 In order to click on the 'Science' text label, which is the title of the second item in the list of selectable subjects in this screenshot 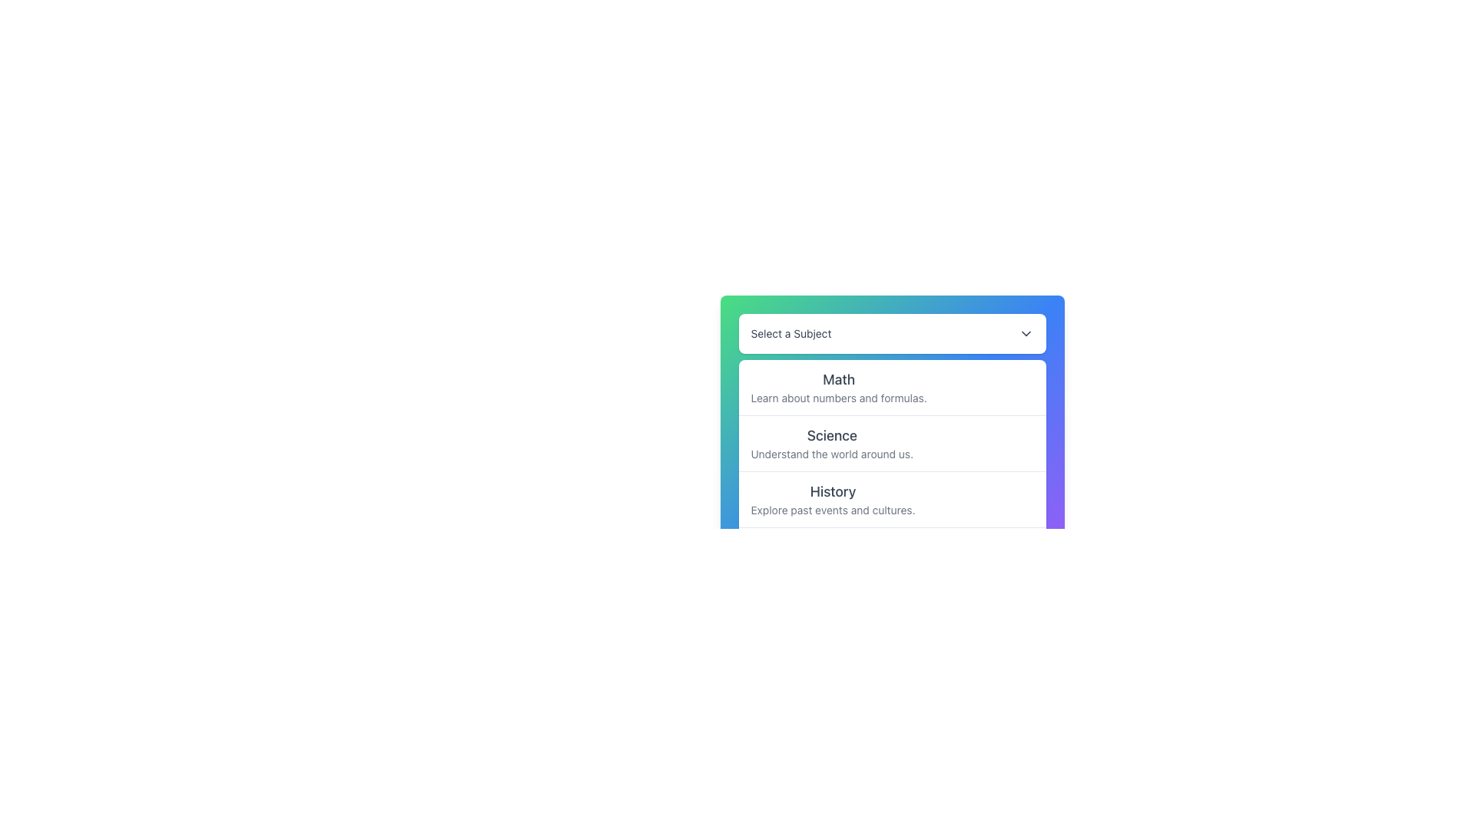, I will do `click(831, 435)`.